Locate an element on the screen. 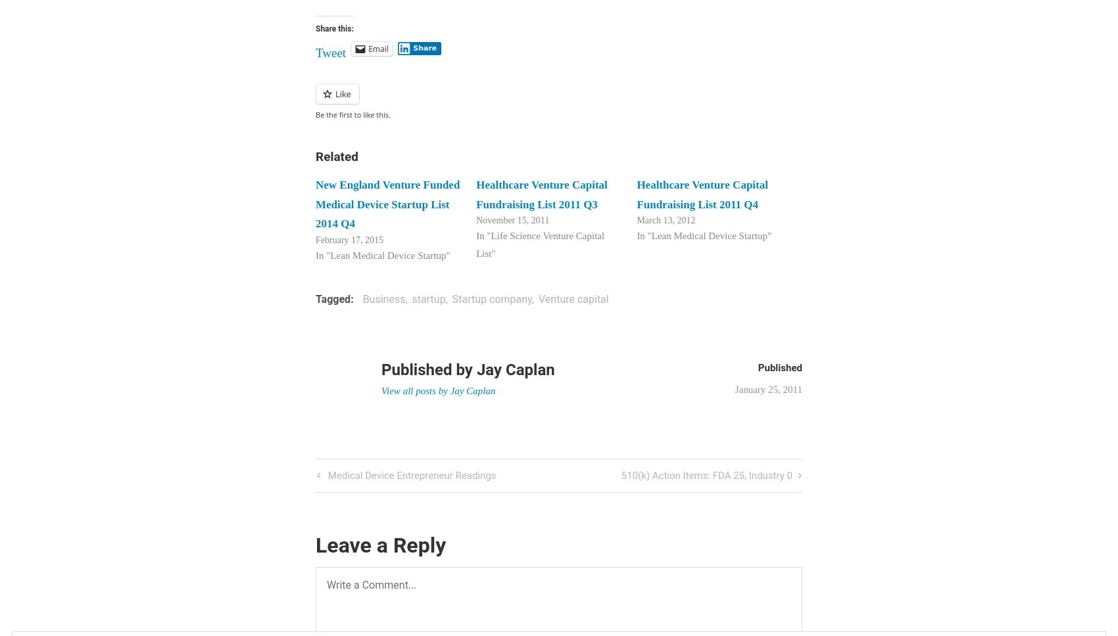 The height and width of the screenshot is (636, 1118). 'Tweet' is located at coordinates (331, 51).